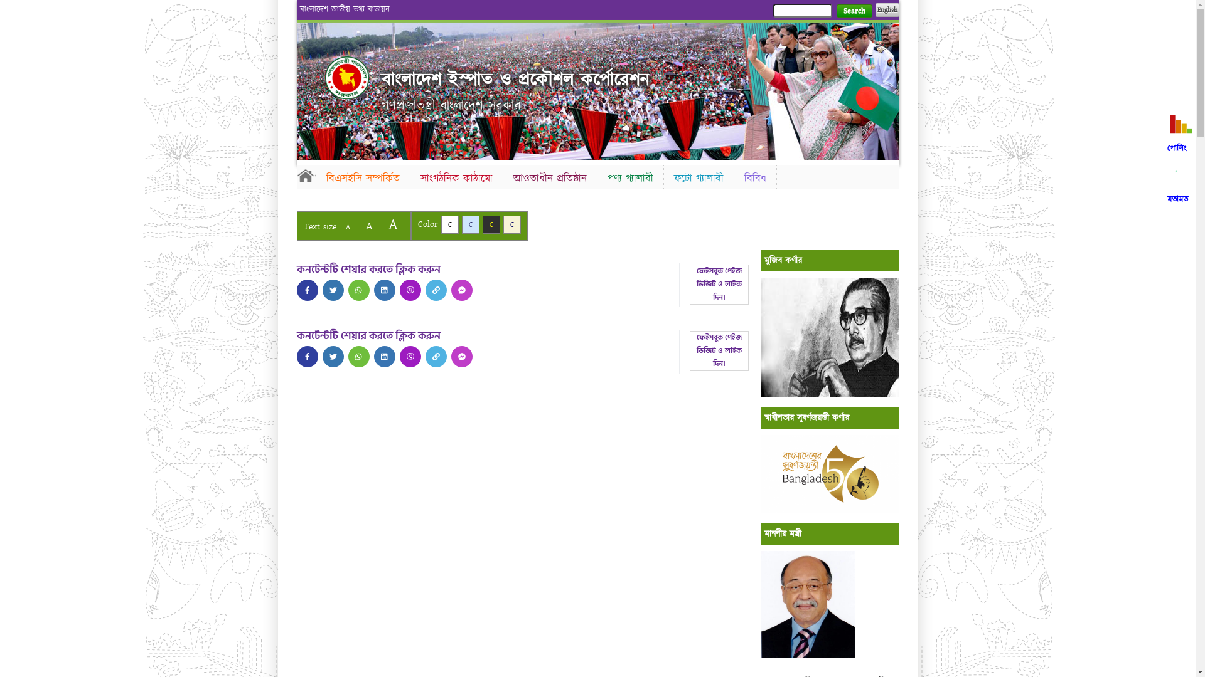 The image size is (1205, 677). I want to click on 'A', so click(368, 226).